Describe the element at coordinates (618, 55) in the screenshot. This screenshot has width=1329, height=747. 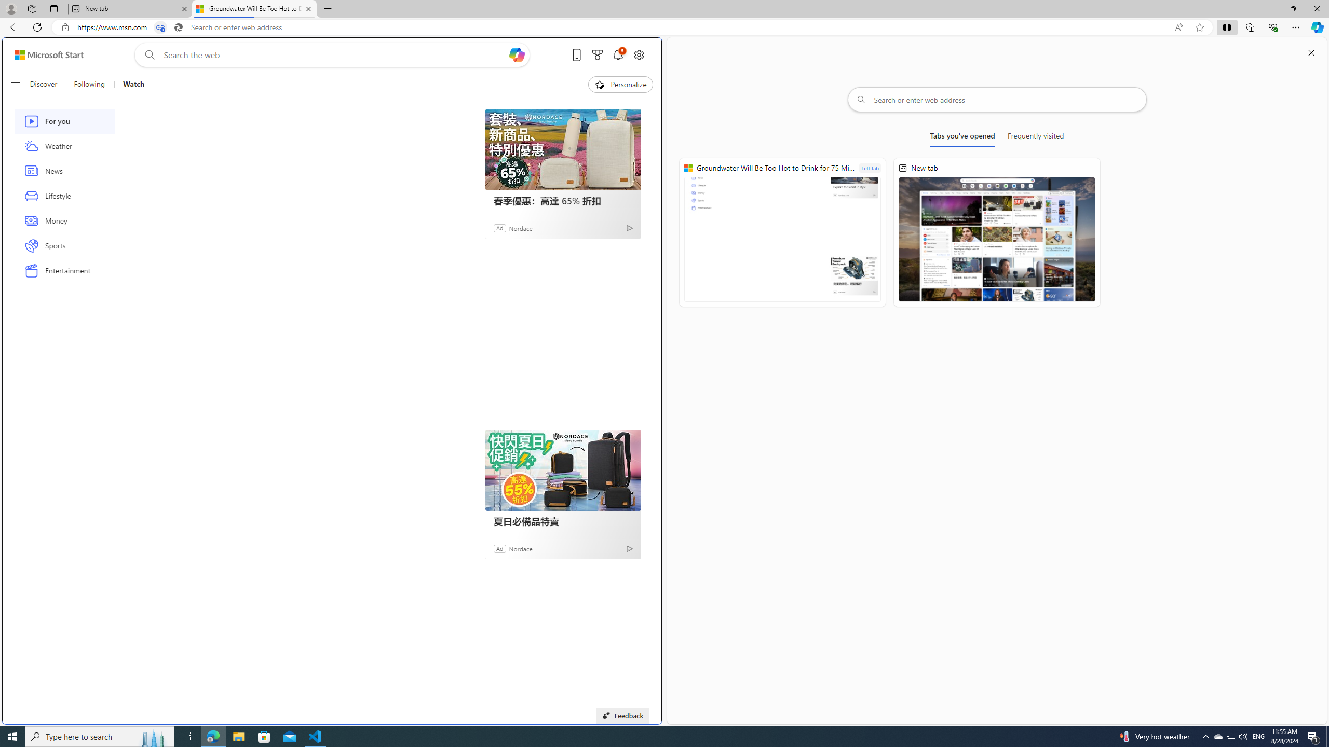
I see `'Notifications'` at that location.